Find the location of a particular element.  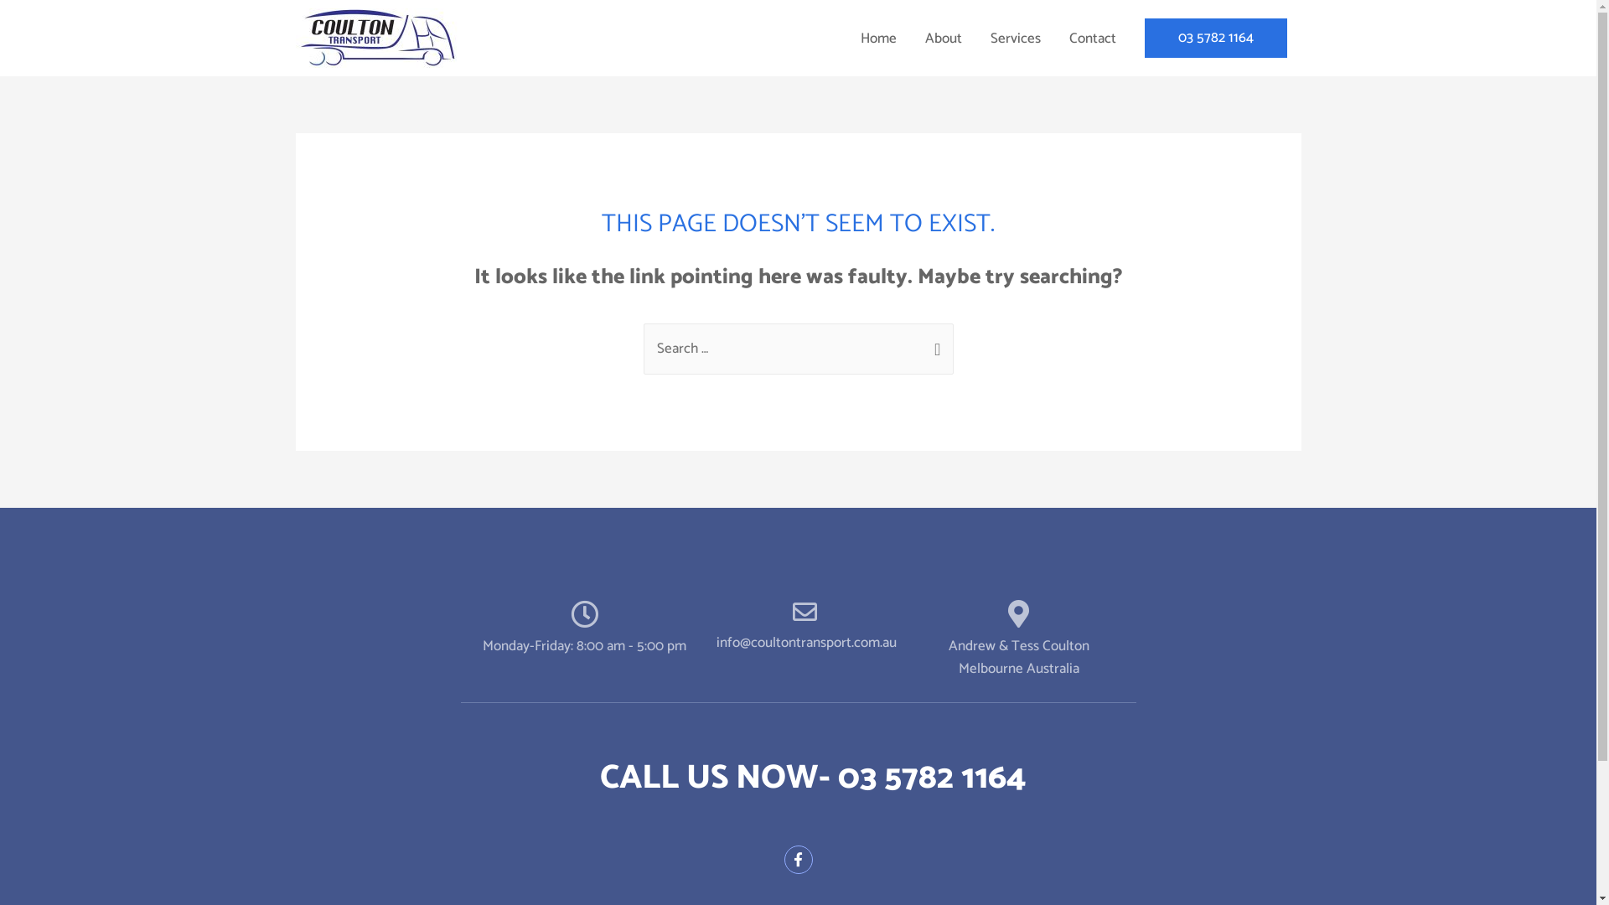

'03 5782 1164' is located at coordinates (1215, 38).